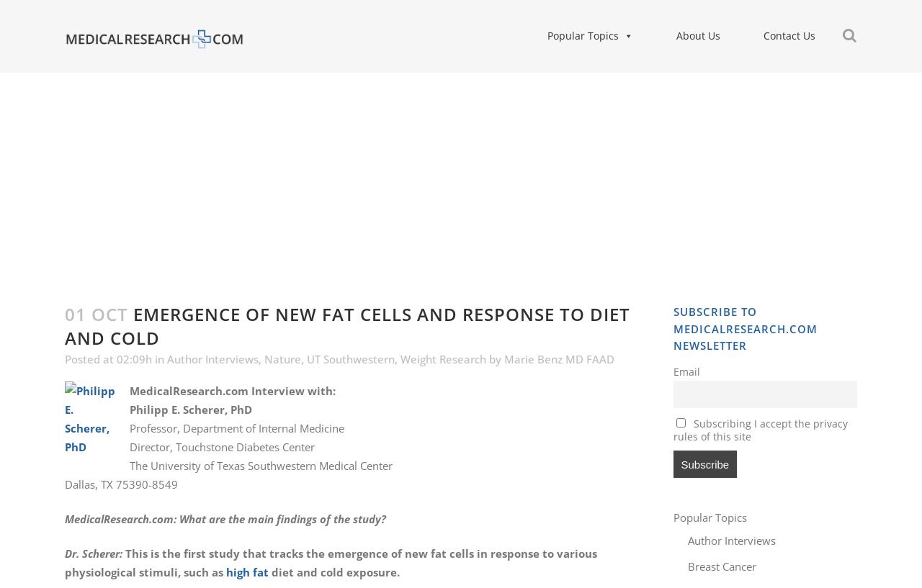  What do you see at coordinates (282, 358) in the screenshot?
I see `'Nature'` at bounding box center [282, 358].